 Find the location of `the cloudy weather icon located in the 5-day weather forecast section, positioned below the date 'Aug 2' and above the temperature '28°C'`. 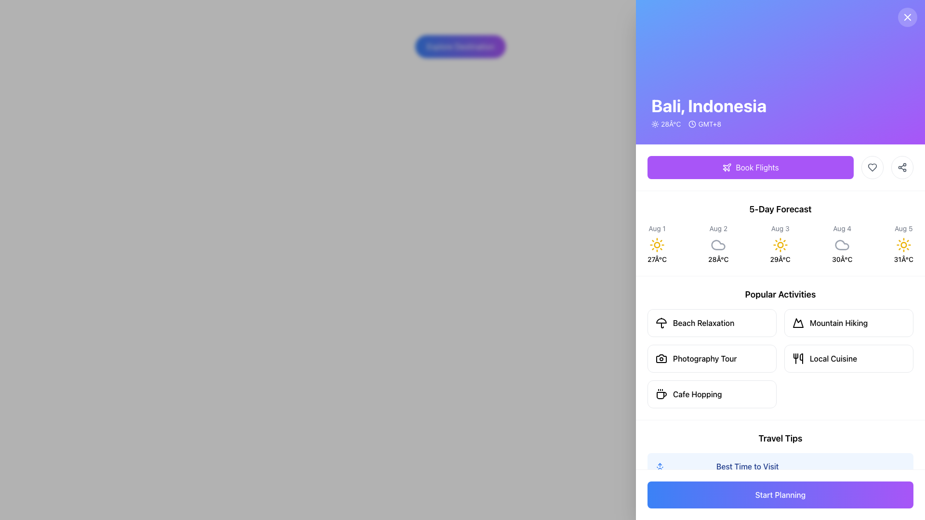

the cloudy weather icon located in the 5-day weather forecast section, positioned below the date 'Aug 2' and above the temperature '28°C' is located at coordinates (718, 245).